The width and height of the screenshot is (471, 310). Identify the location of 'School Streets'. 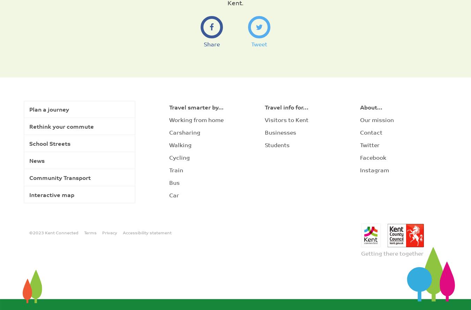
(50, 143).